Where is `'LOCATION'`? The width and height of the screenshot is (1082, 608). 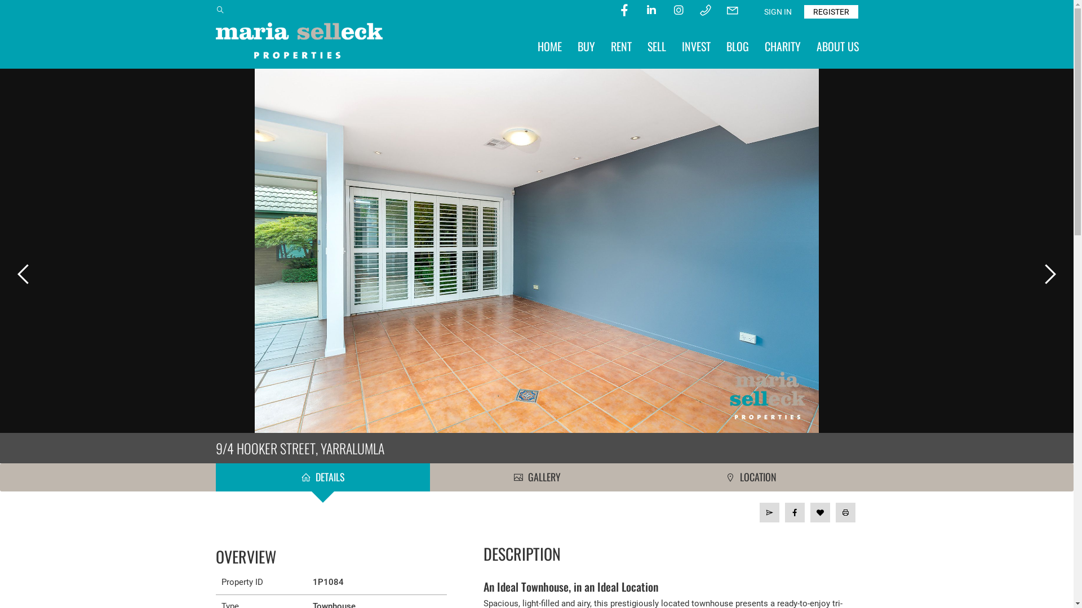
'LOCATION' is located at coordinates (751, 477).